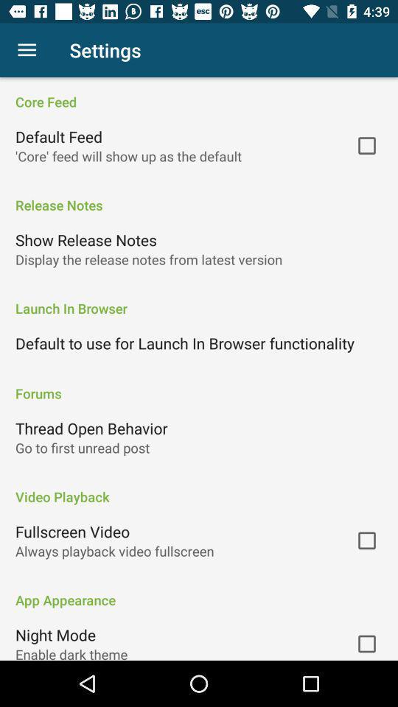 This screenshot has height=707, width=398. I want to click on item below night mode, so click(71, 652).